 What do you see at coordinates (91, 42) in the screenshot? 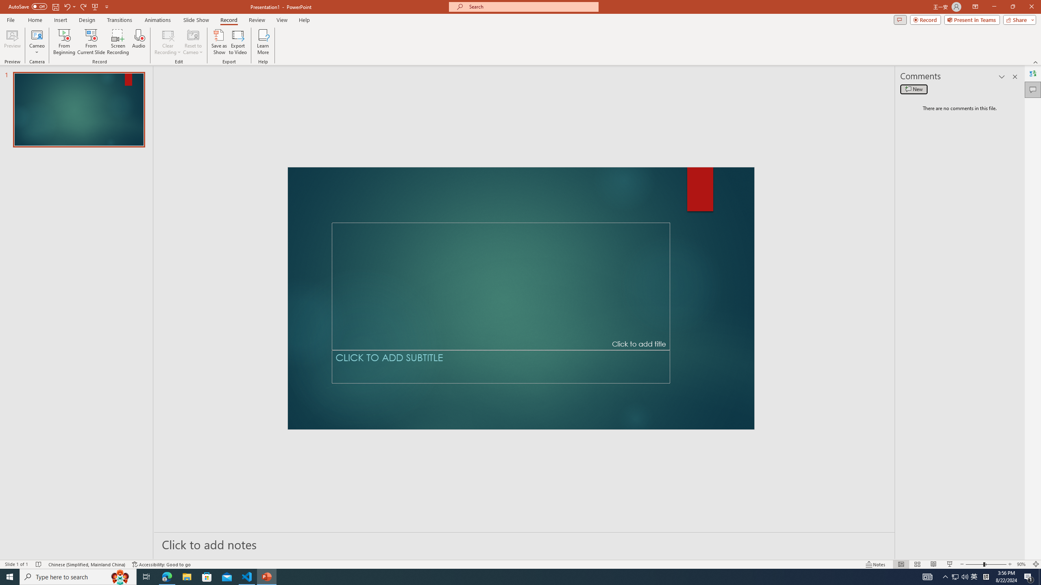
I see `'From Current Slide...'` at bounding box center [91, 42].